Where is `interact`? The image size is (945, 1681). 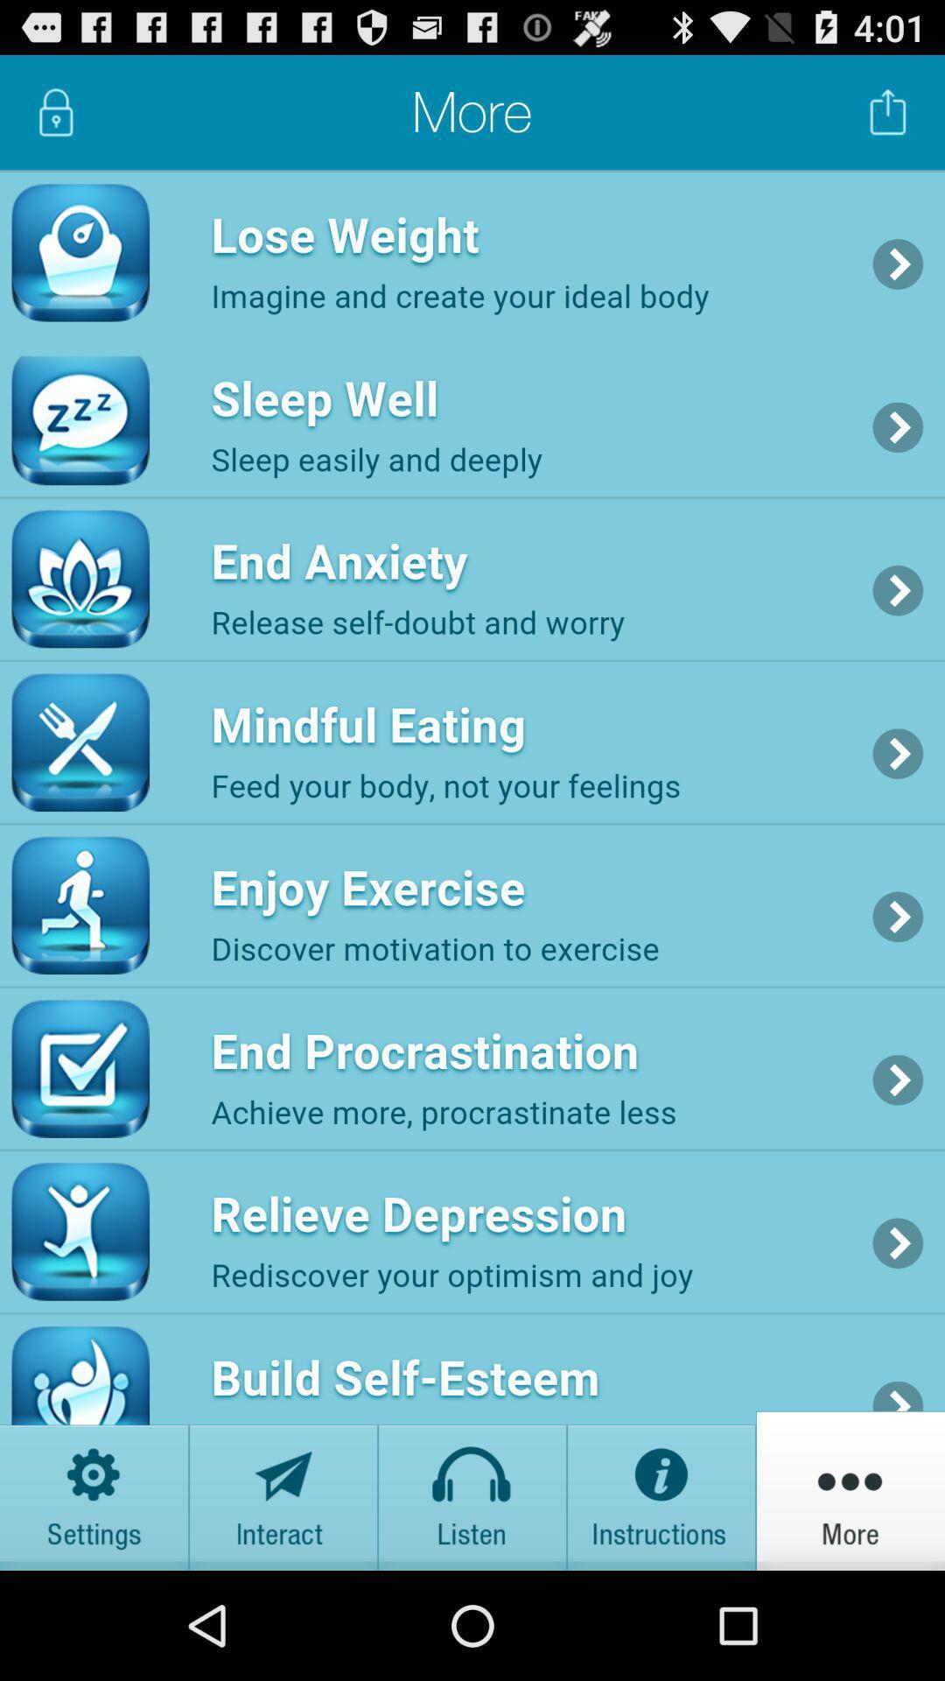 interact is located at coordinates (283, 1489).